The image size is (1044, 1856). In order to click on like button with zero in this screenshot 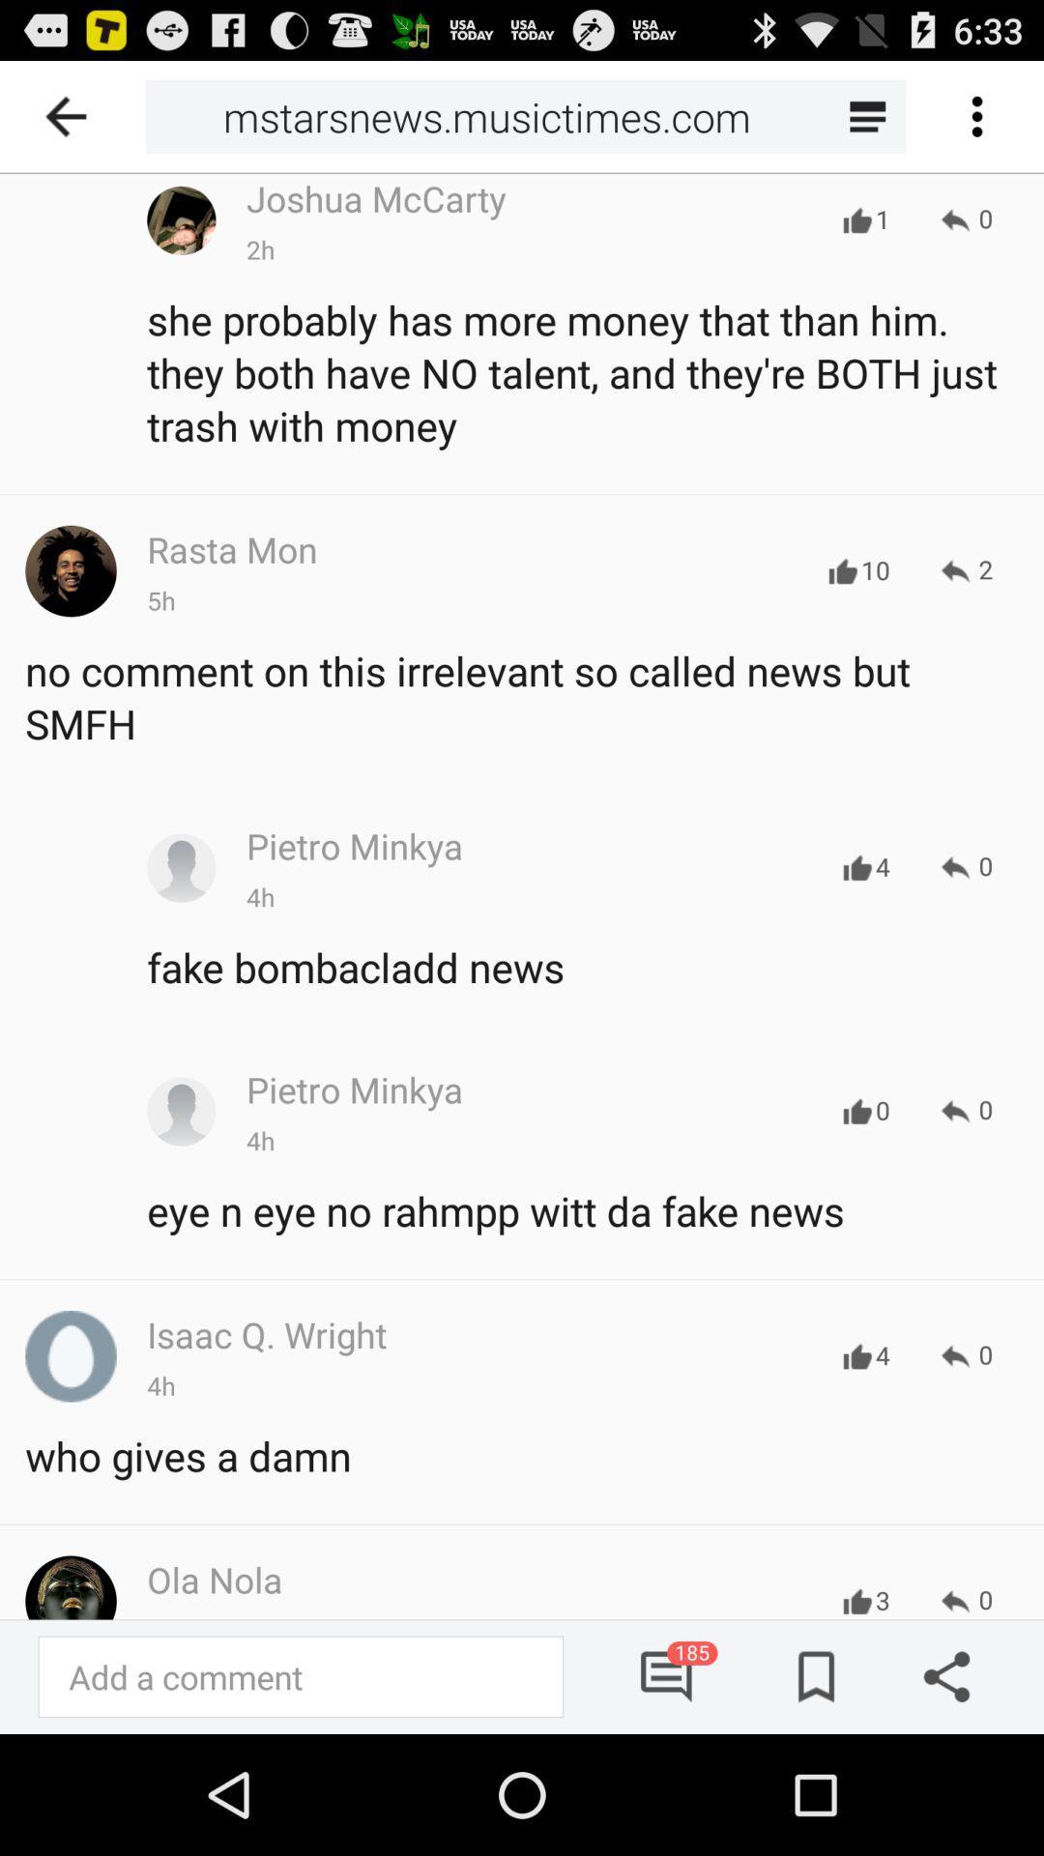, I will do `click(856, 1112)`.